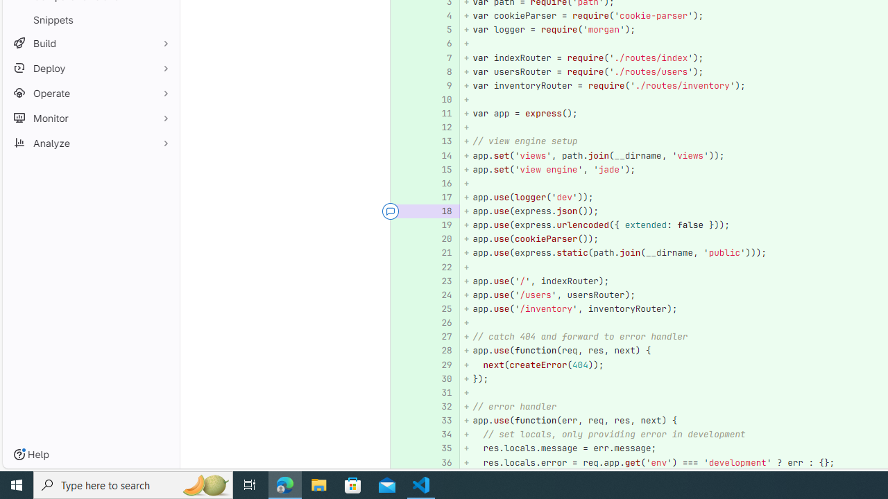  What do you see at coordinates (439, 43) in the screenshot?
I see `'6'` at bounding box center [439, 43].